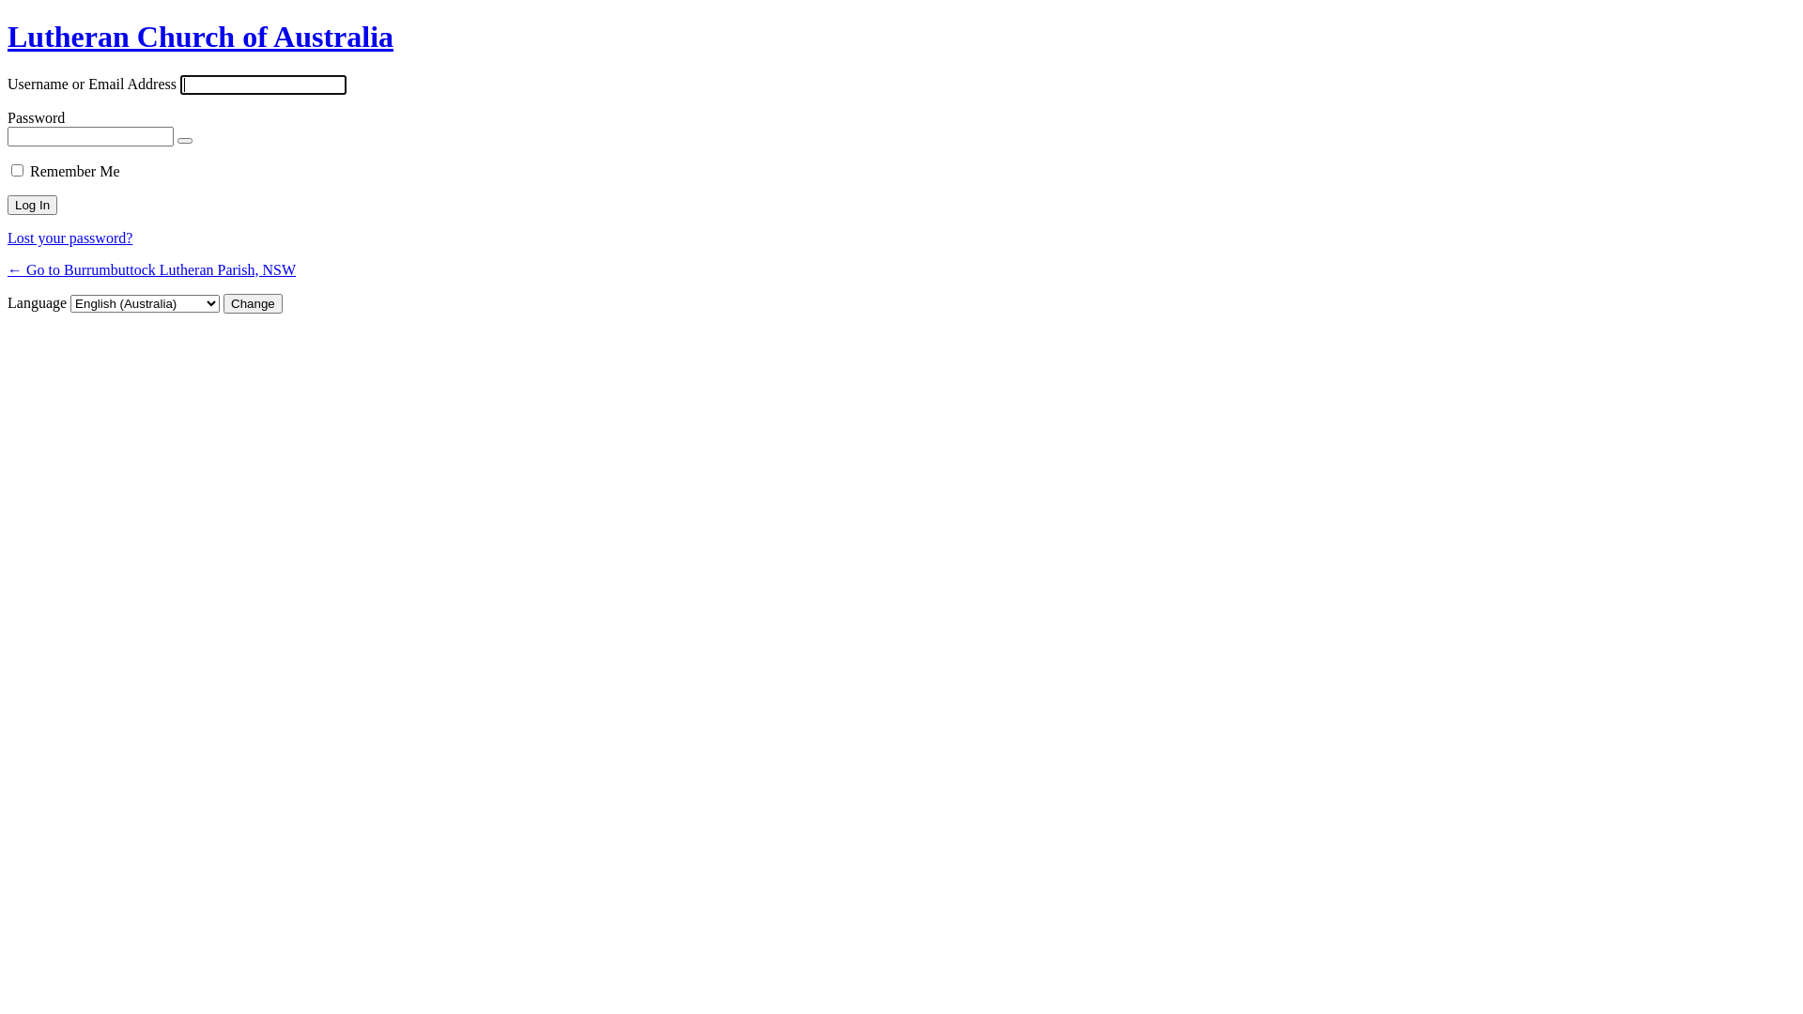 The height and width of the screenshot is (1014, 1803). What do you see at coordinates (69, 237) in the screenshot?
I see `'Lost your password?'` at bounding box center [69, 237].